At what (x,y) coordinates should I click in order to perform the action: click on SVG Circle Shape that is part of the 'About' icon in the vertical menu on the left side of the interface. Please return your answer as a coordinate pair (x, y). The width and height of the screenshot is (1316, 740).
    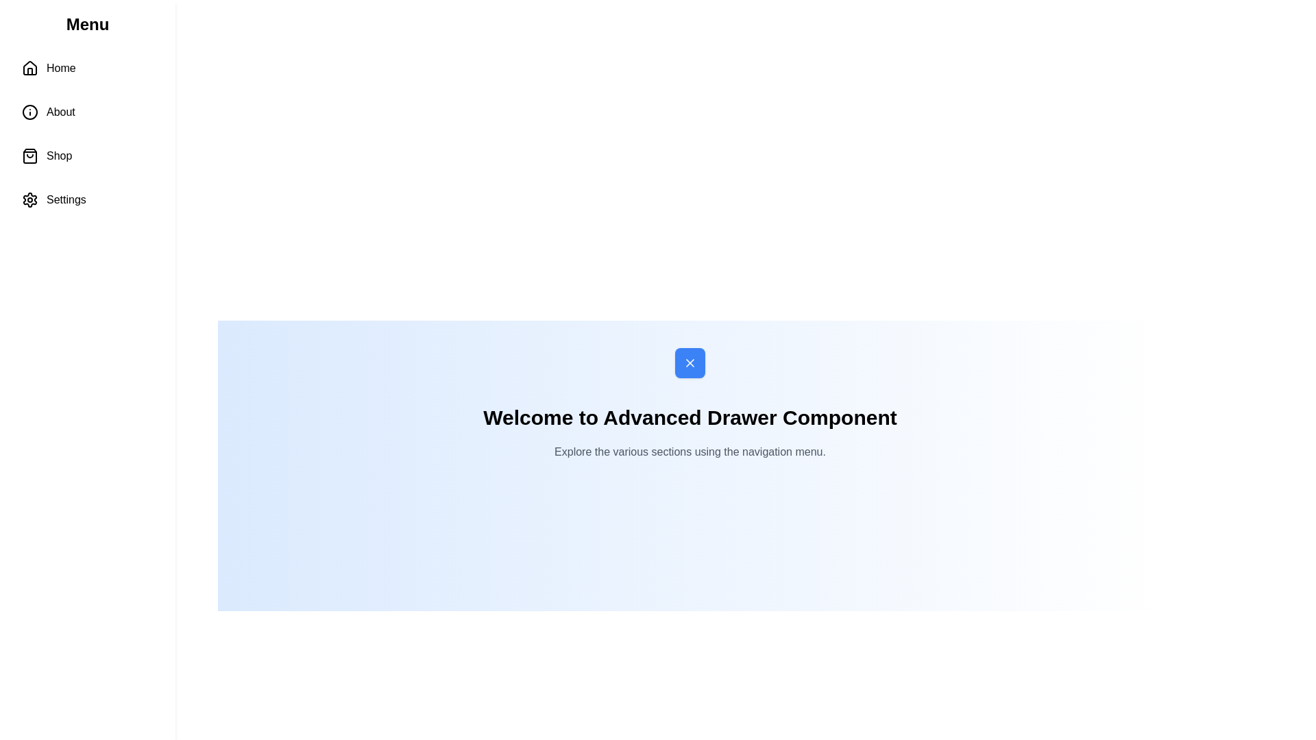
    Looking at the image, I should click on (29, 112).